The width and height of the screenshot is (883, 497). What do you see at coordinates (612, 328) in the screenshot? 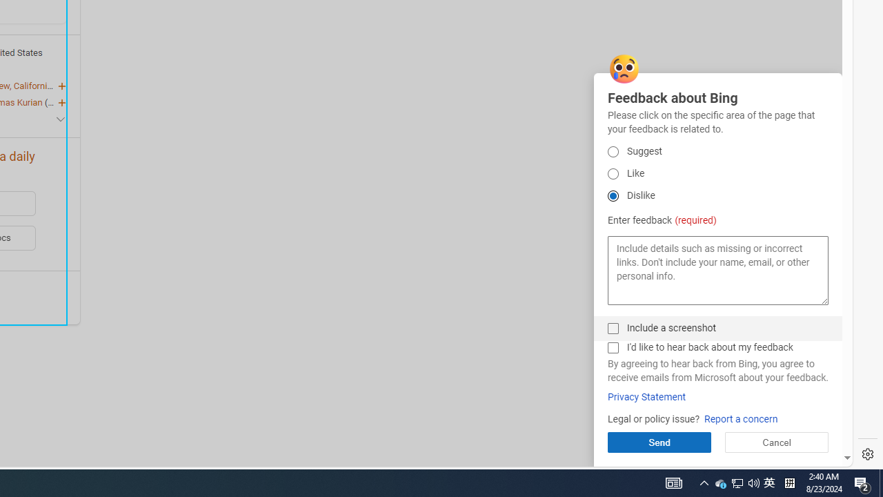
I see `'Include a screenshot'` at bounding box center [612, 328].